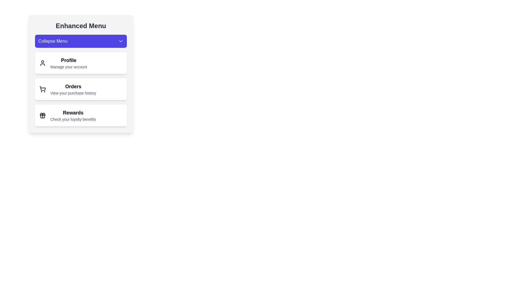 The image size is (525, 295). Describe the element at coordinates (73, 93) in the screenshot. I see `the descriptive text located below the 'Orders' title in the white card` at that location.